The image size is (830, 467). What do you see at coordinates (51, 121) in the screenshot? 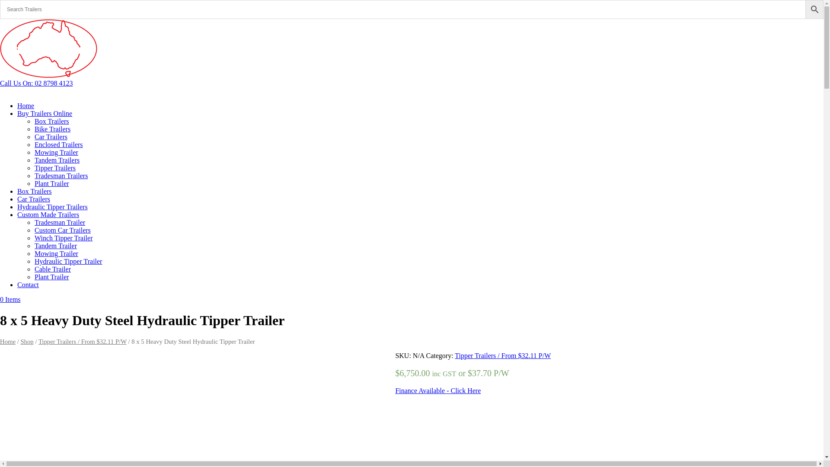
I see `'Box Trailers'` at bounding box center [51, 121].